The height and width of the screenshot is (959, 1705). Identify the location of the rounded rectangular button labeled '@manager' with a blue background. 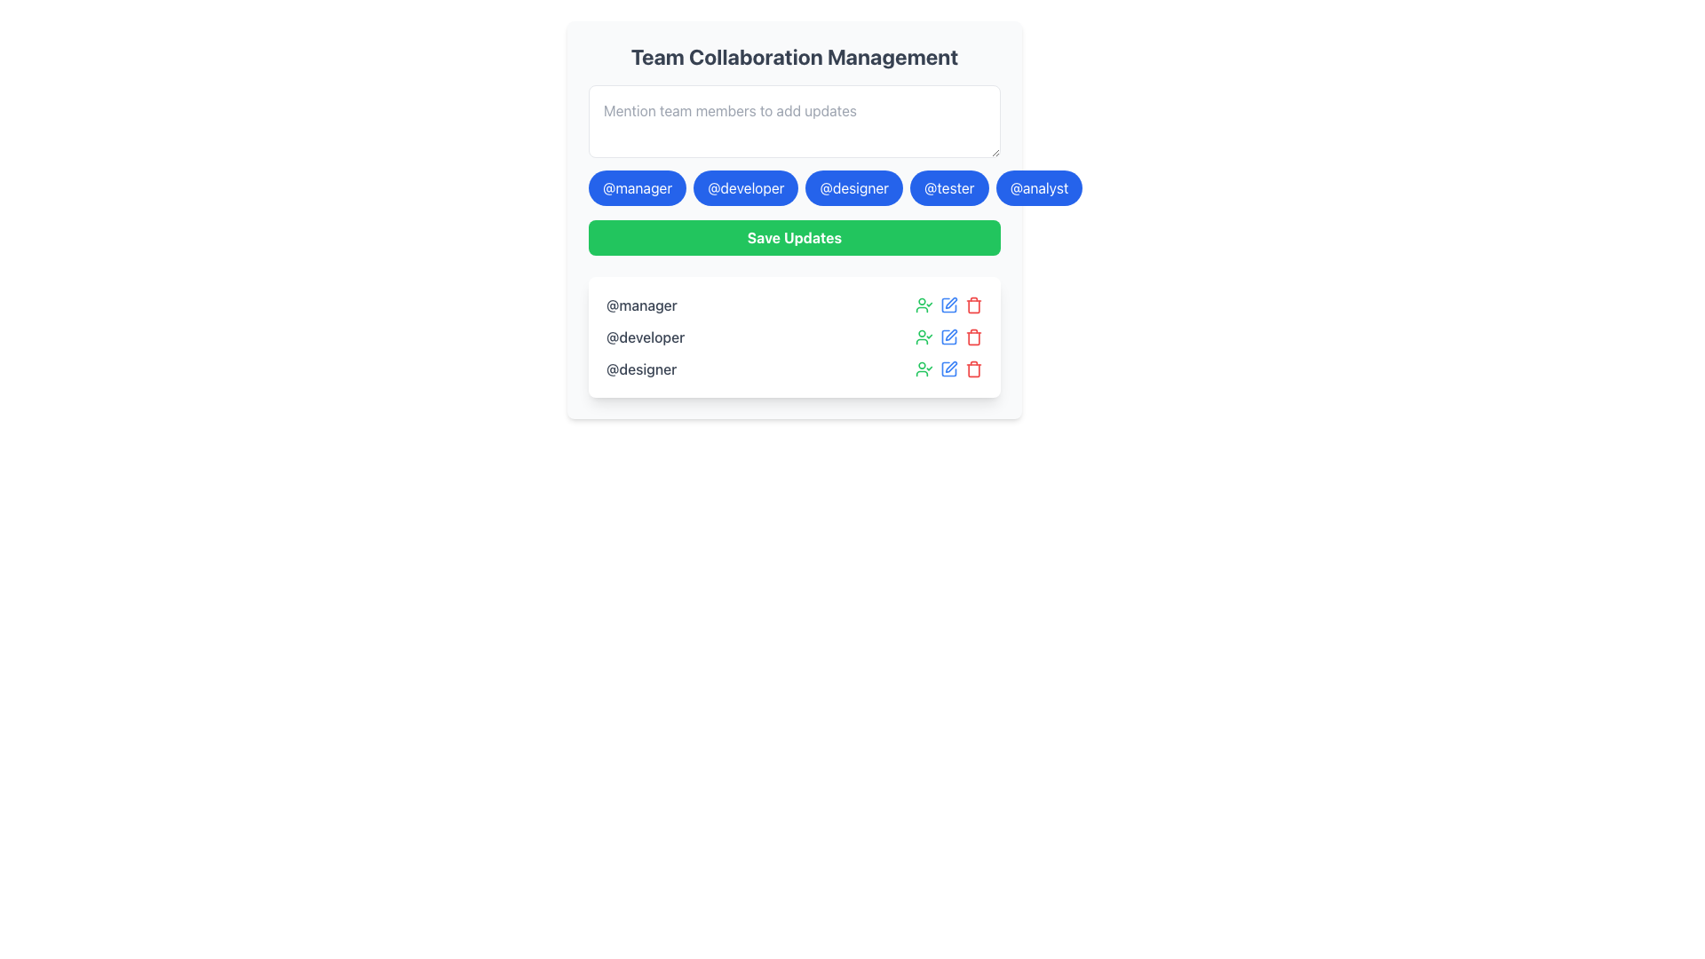
(638, 188).